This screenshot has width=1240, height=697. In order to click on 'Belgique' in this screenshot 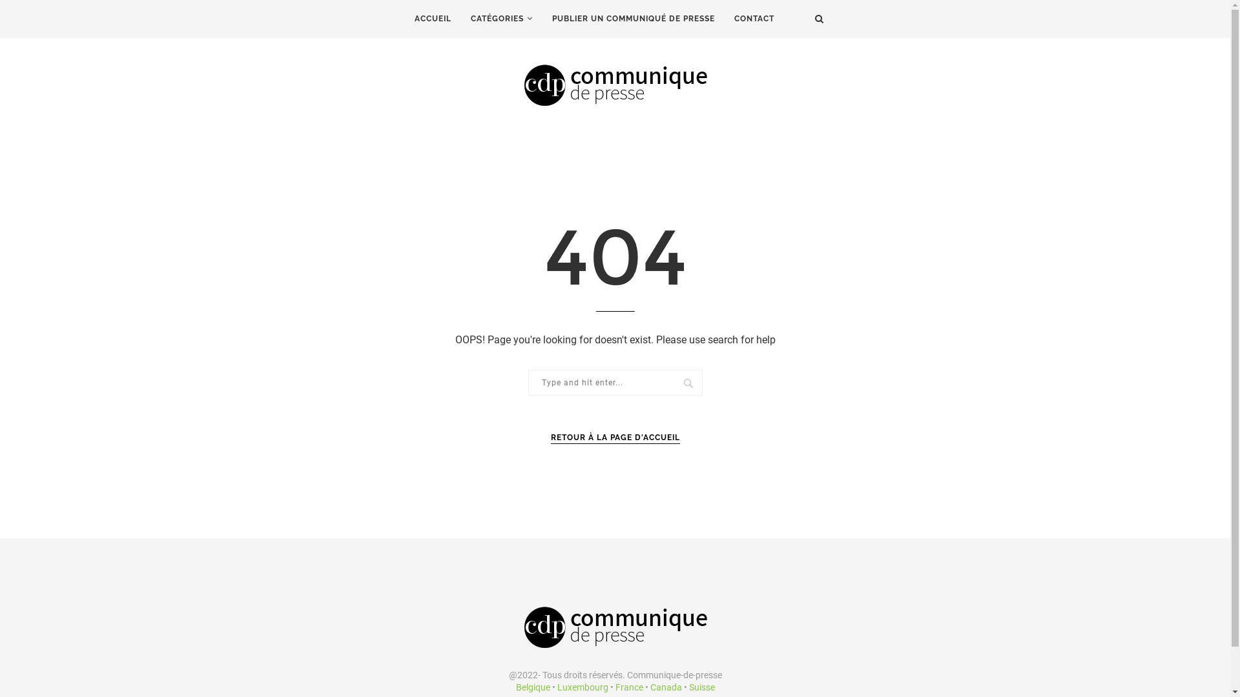, I will do `click(532, 686)`.